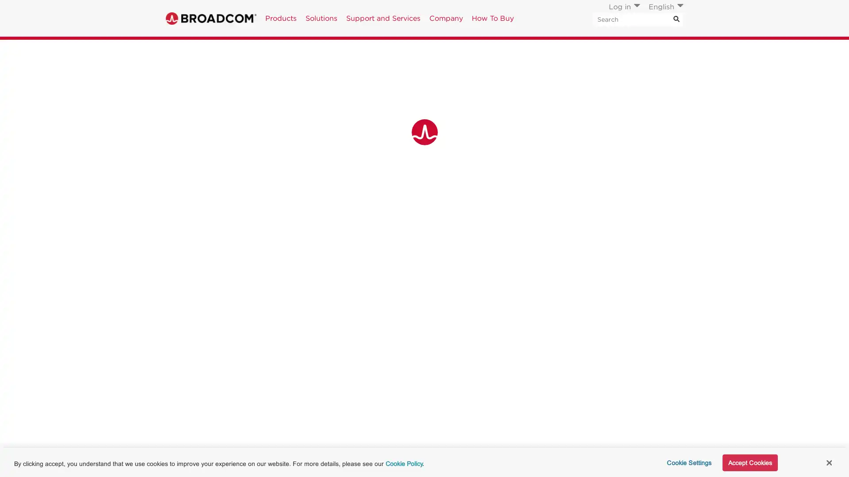 This screenshot has height=477, width=849. I want to click on How To Buy, so click(492, 18).